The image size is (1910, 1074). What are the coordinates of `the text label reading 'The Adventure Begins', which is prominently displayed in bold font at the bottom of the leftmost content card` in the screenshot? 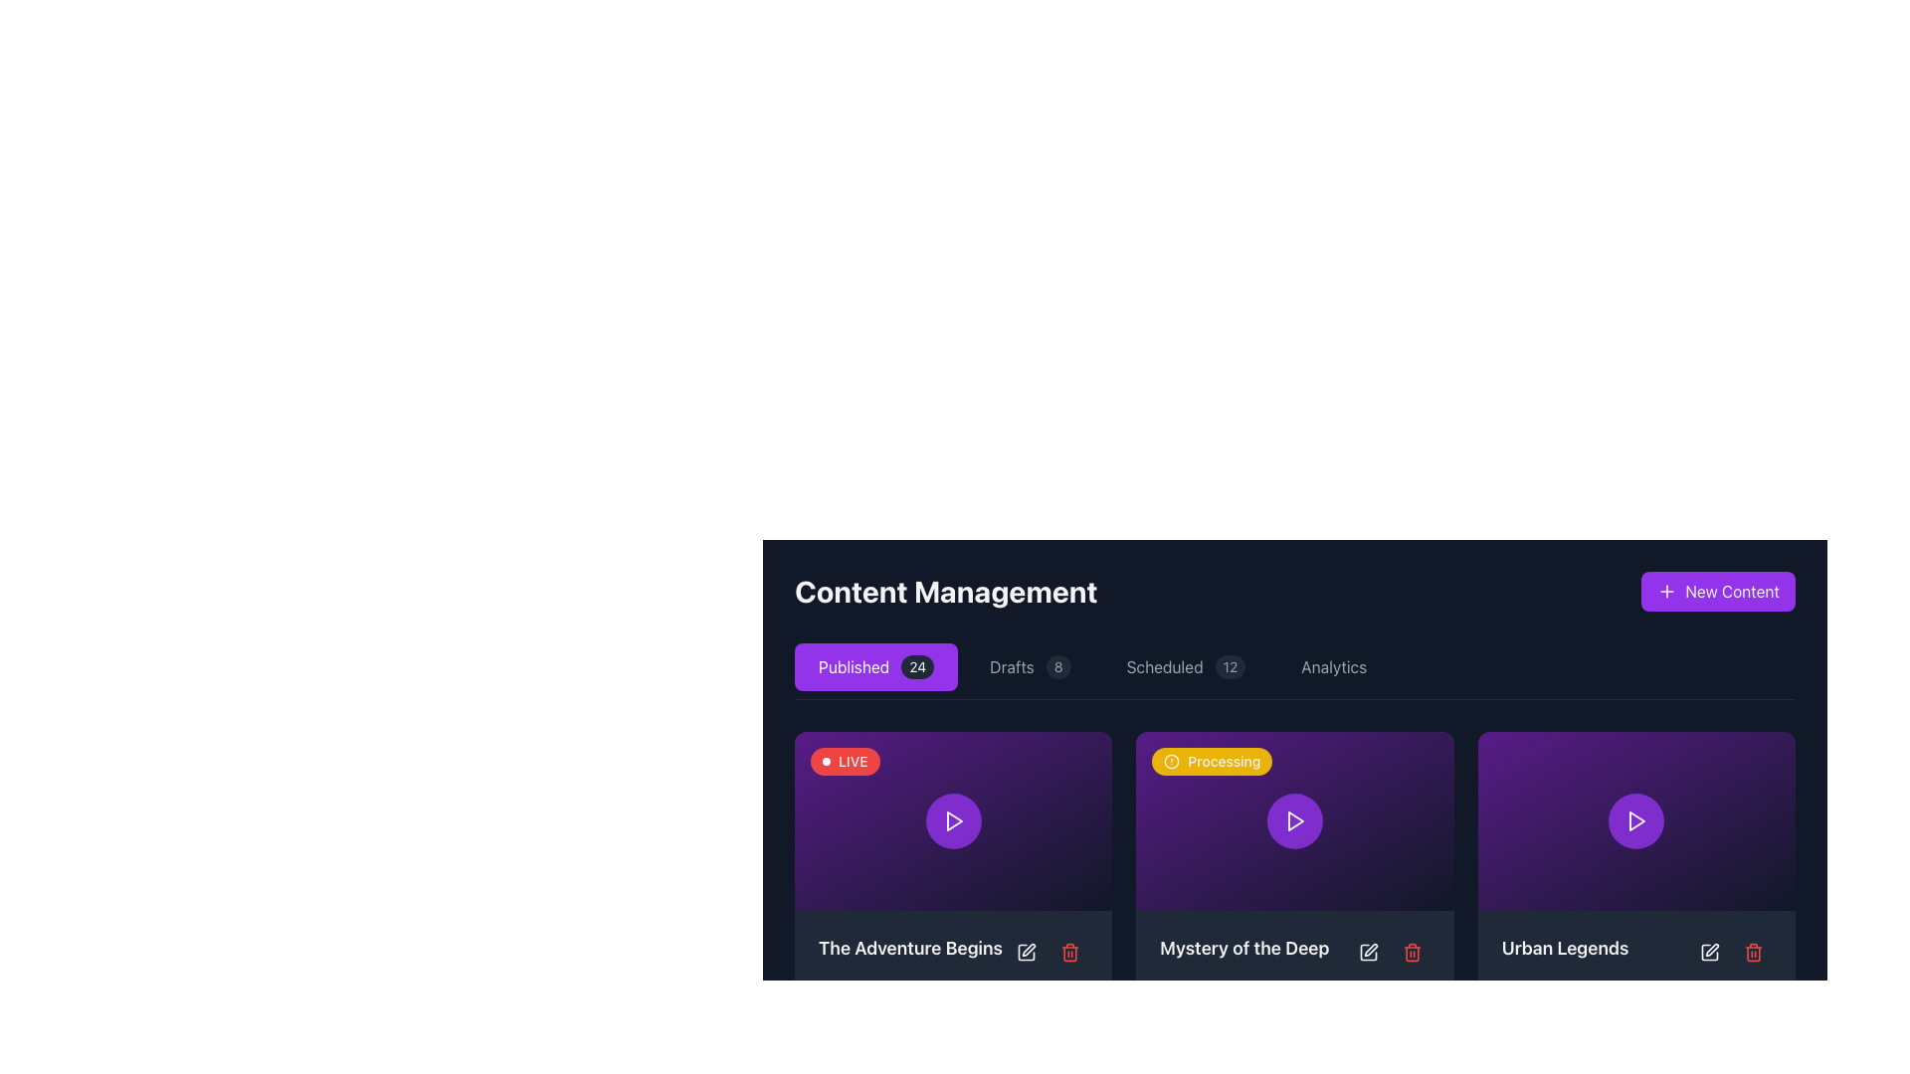 It's located at (909, 947).